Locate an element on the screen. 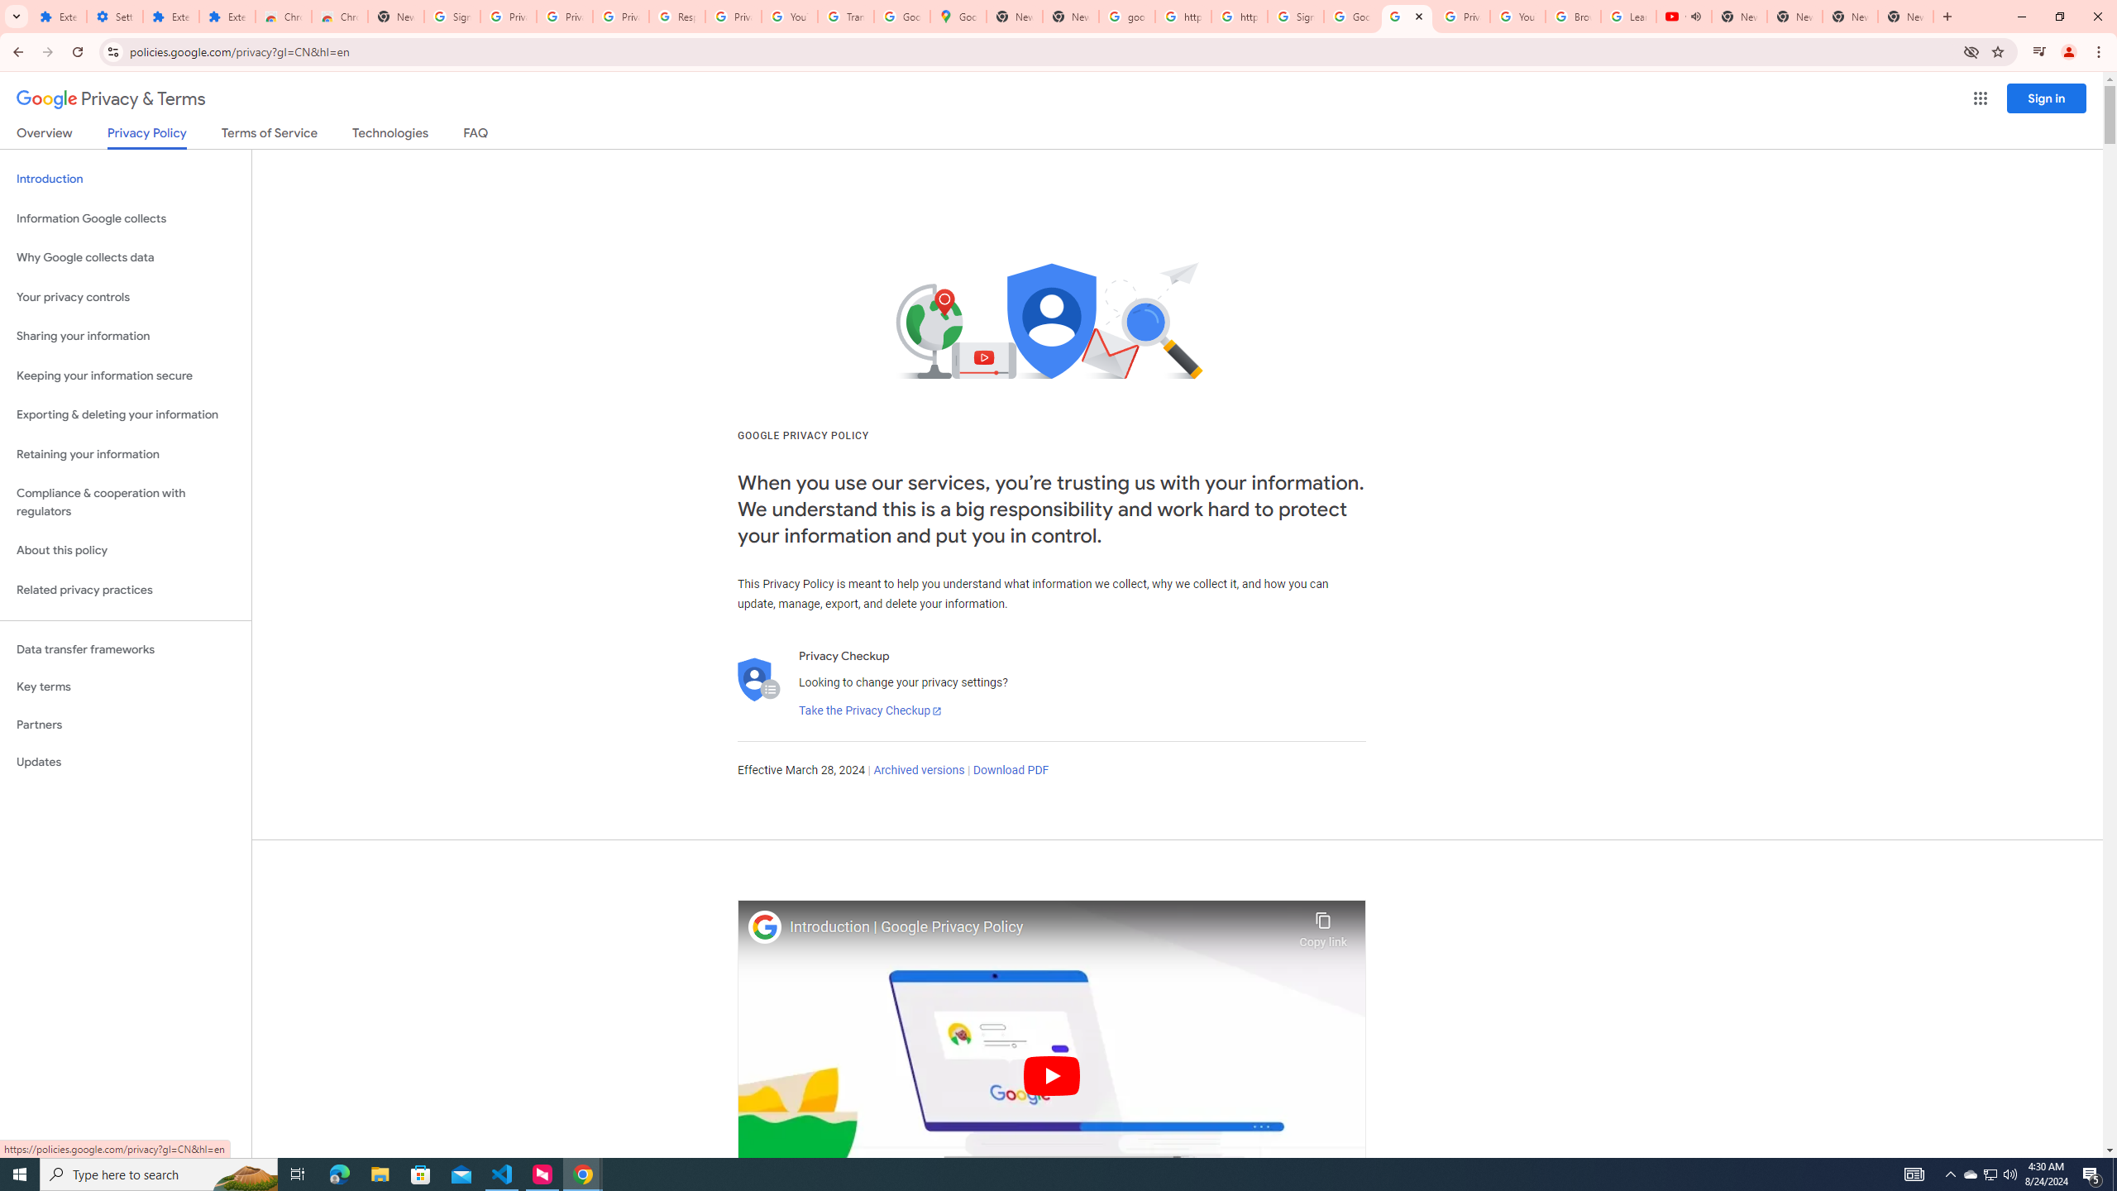 The width and height of the screenshot is (2117, 1191). 'Extensions' is located at coordinates (227, 16).